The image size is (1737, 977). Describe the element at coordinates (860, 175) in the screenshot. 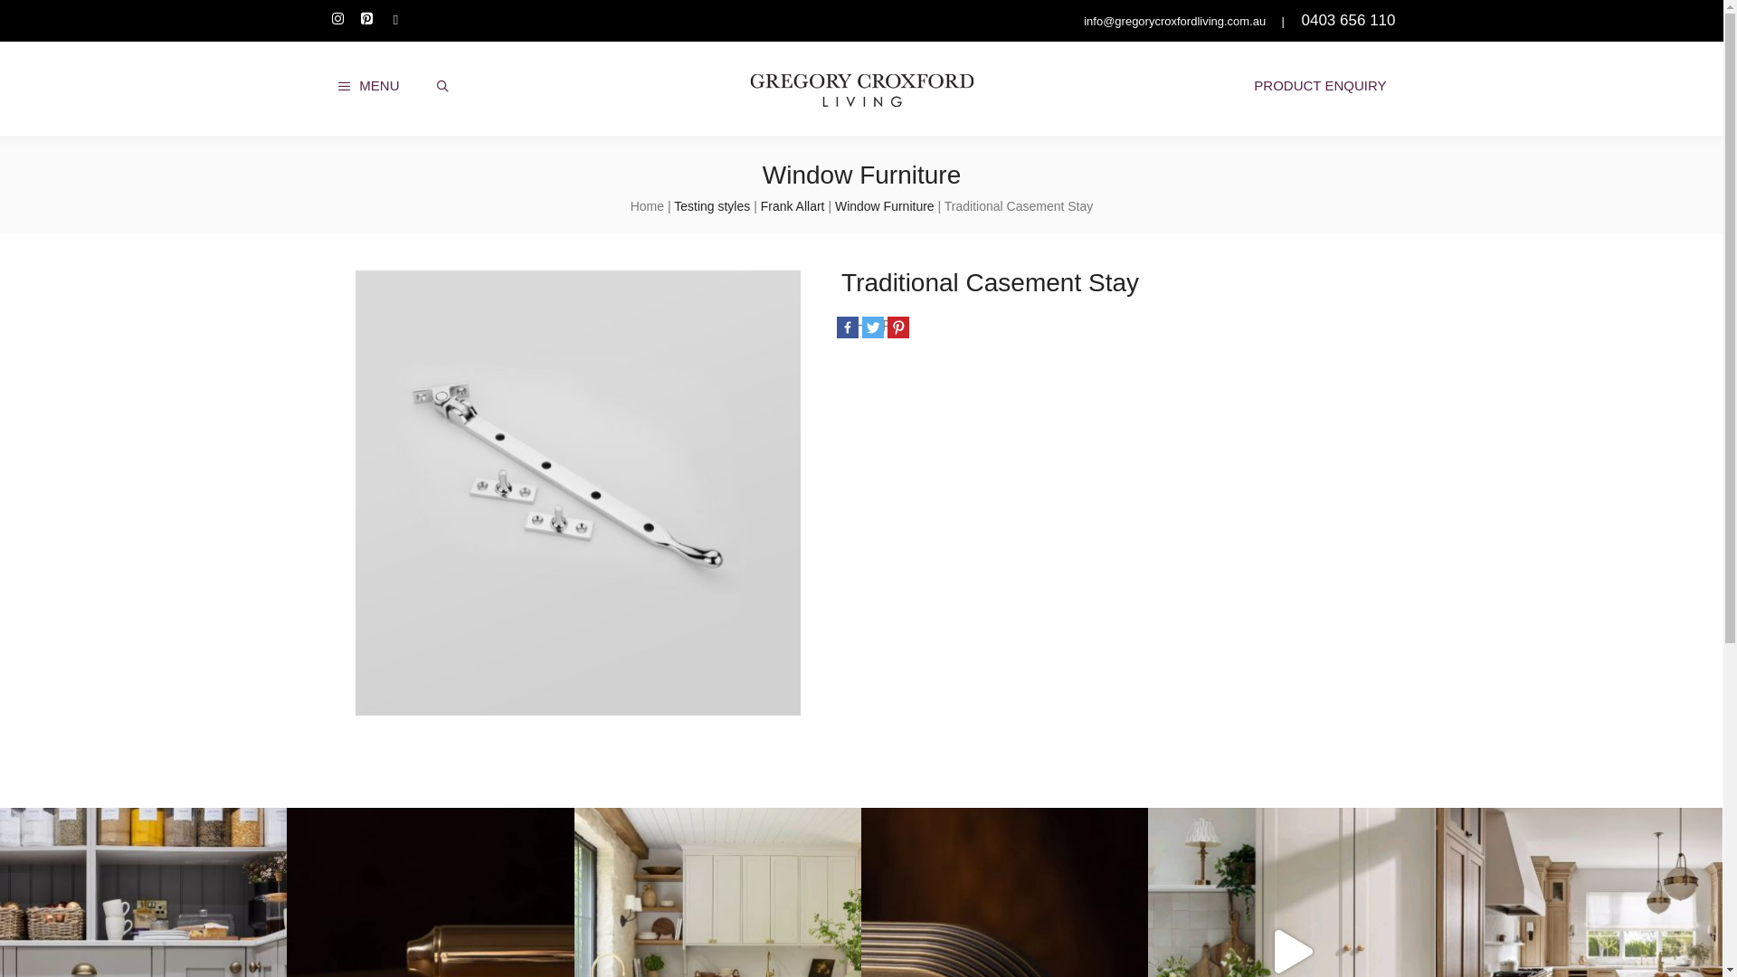

I see `'Window Furniture'` at that location.